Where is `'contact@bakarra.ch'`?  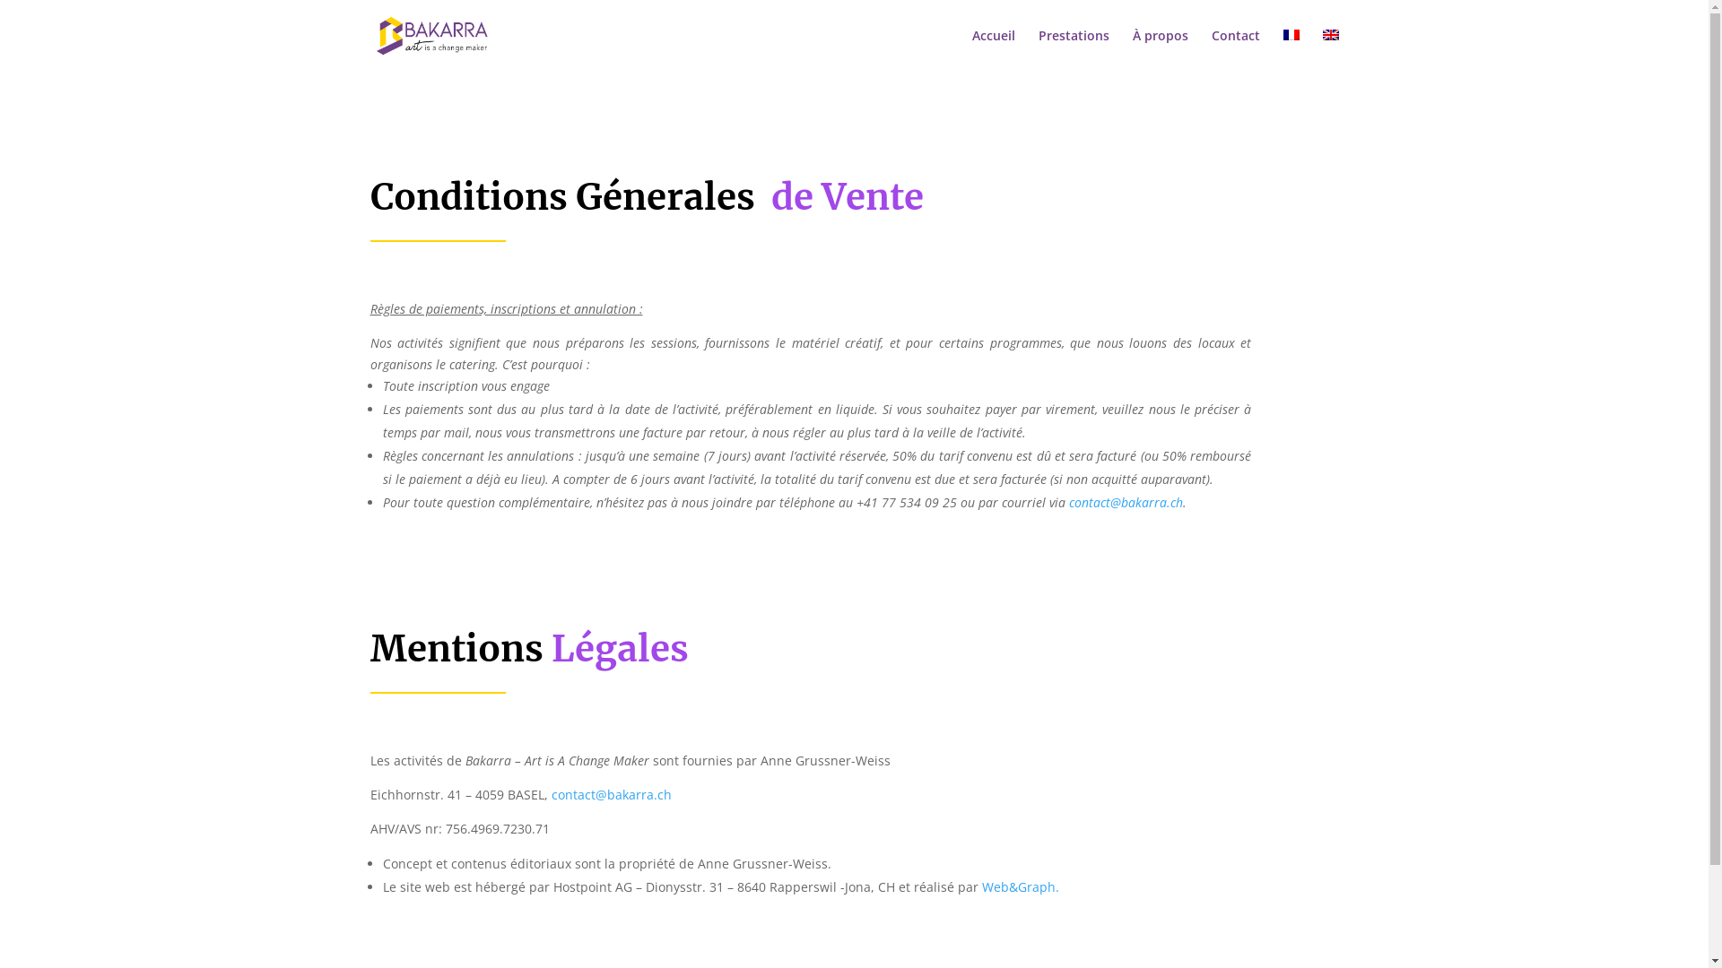
'contact@bakarra.ch' is located at coordinates (611, 793).